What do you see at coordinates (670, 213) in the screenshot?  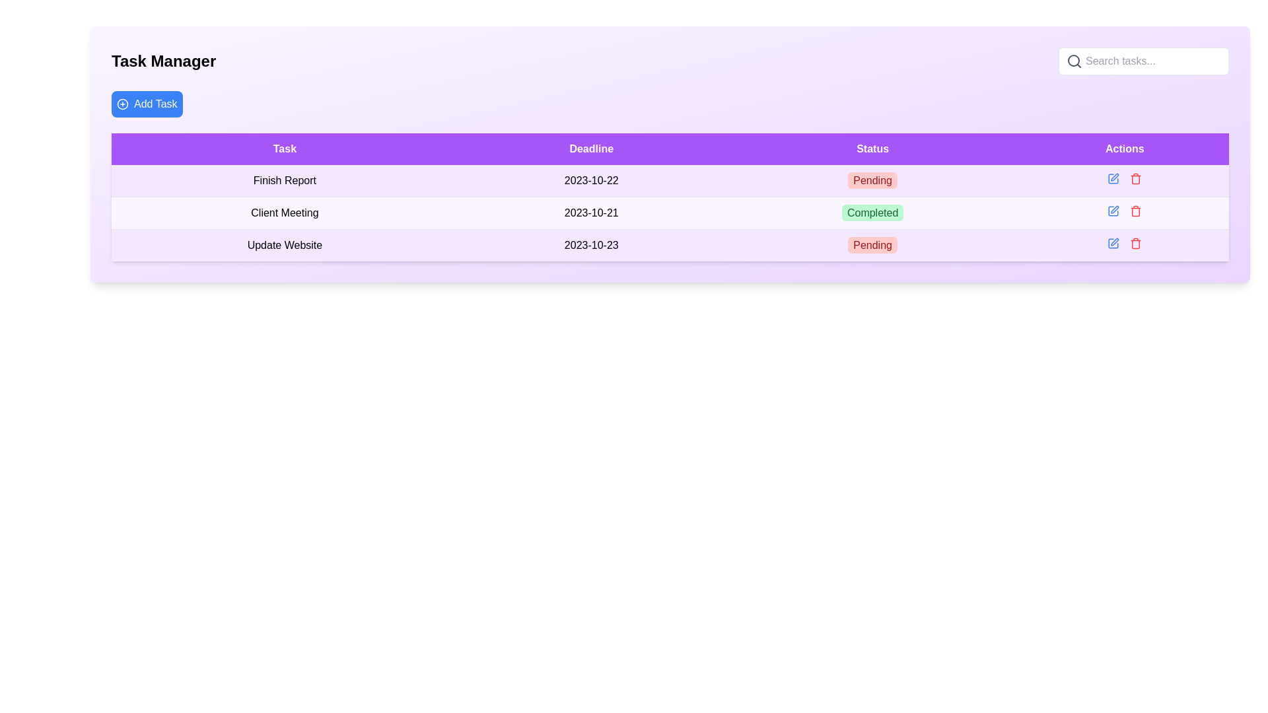 I see `the second table row containing the task 'Client Meeting', which includes the date '2023-10-21' and status 'Completed'` at bounding box center [670, 213].